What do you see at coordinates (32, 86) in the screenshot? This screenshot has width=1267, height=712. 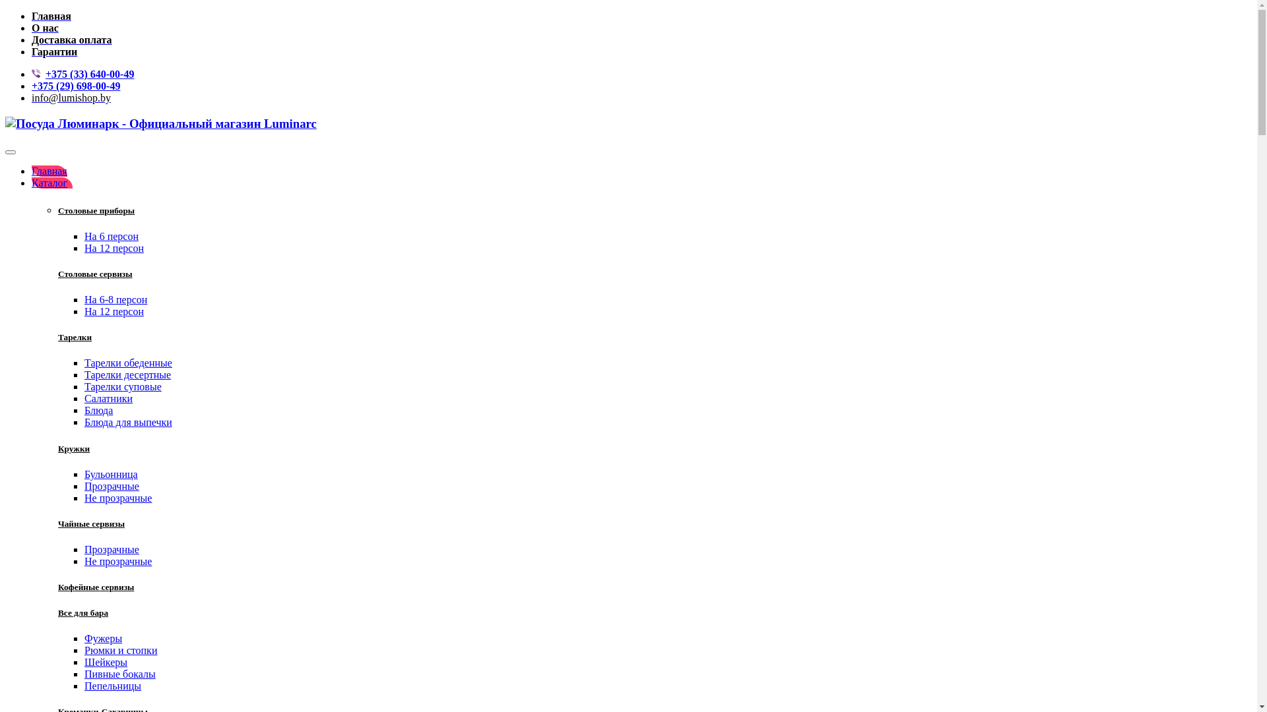 I see `'+375 (29) 698-00-49'` at bounding box center [32, 86].